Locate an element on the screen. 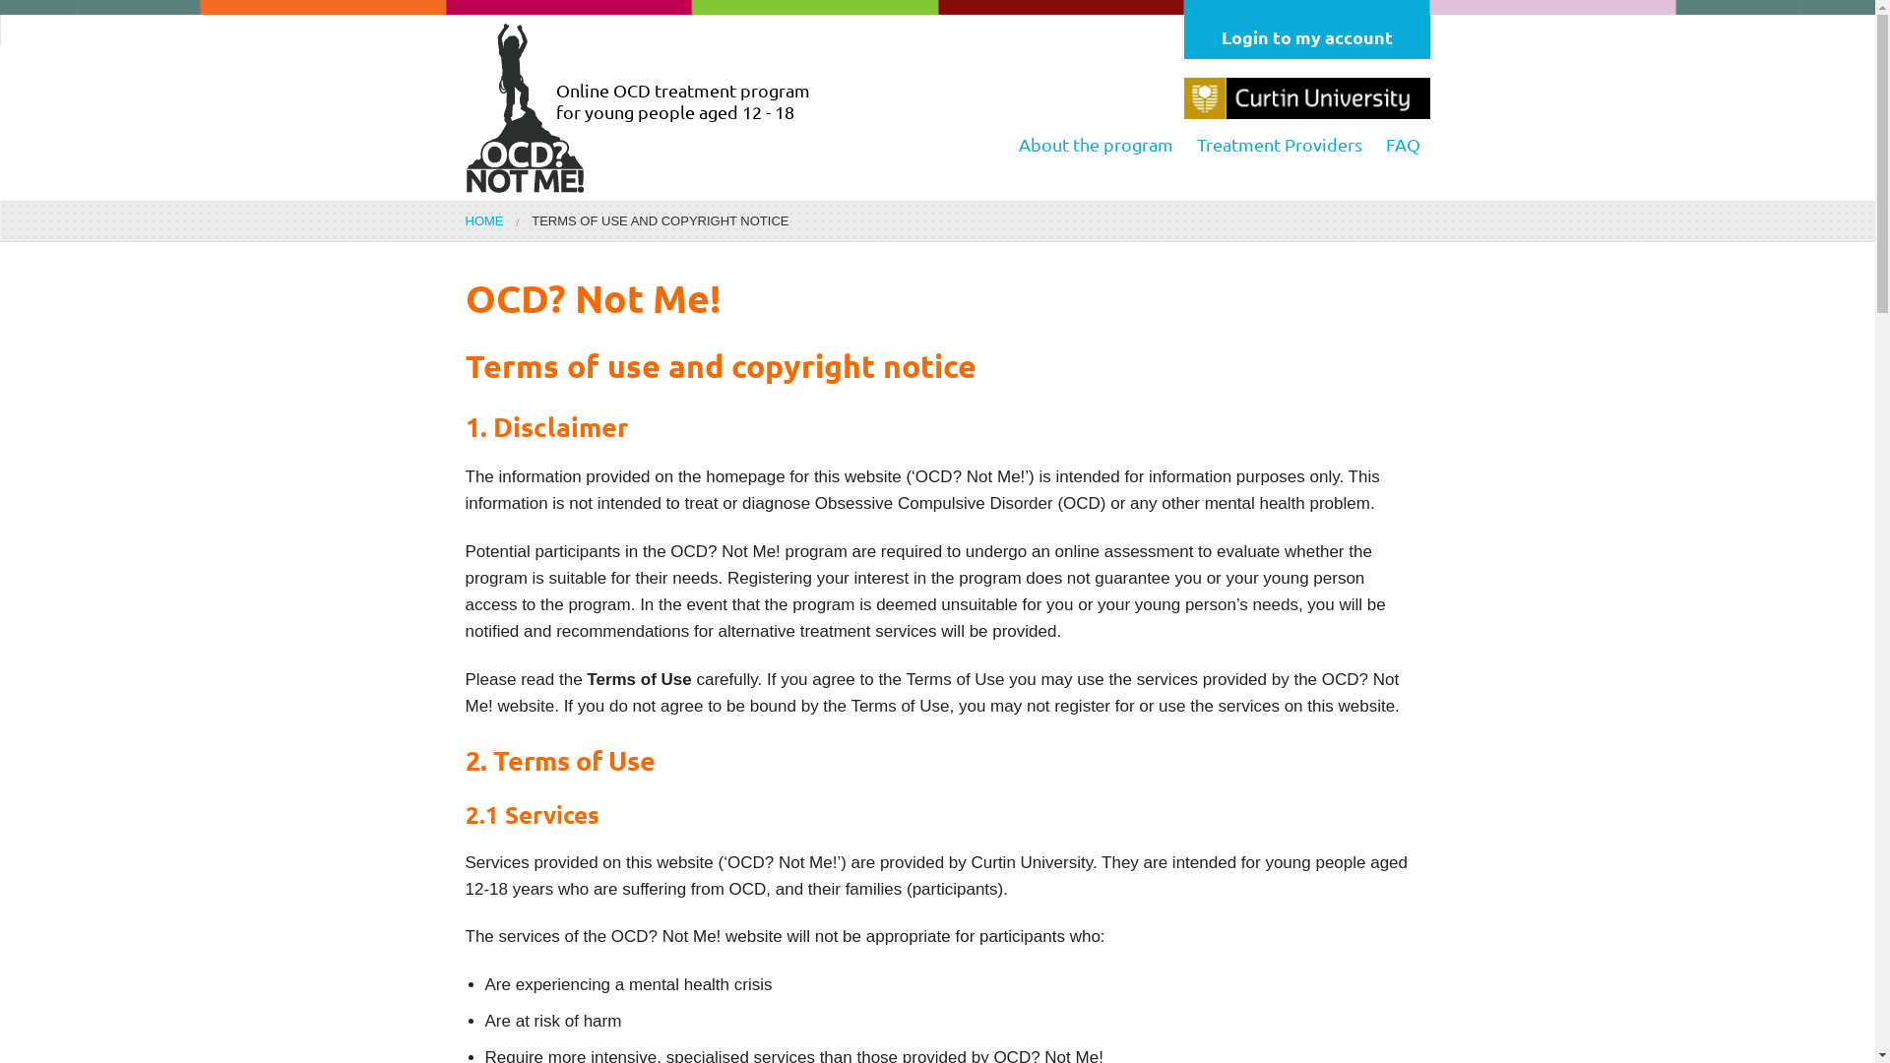  'HOME' is located at coordinates (483, 220).